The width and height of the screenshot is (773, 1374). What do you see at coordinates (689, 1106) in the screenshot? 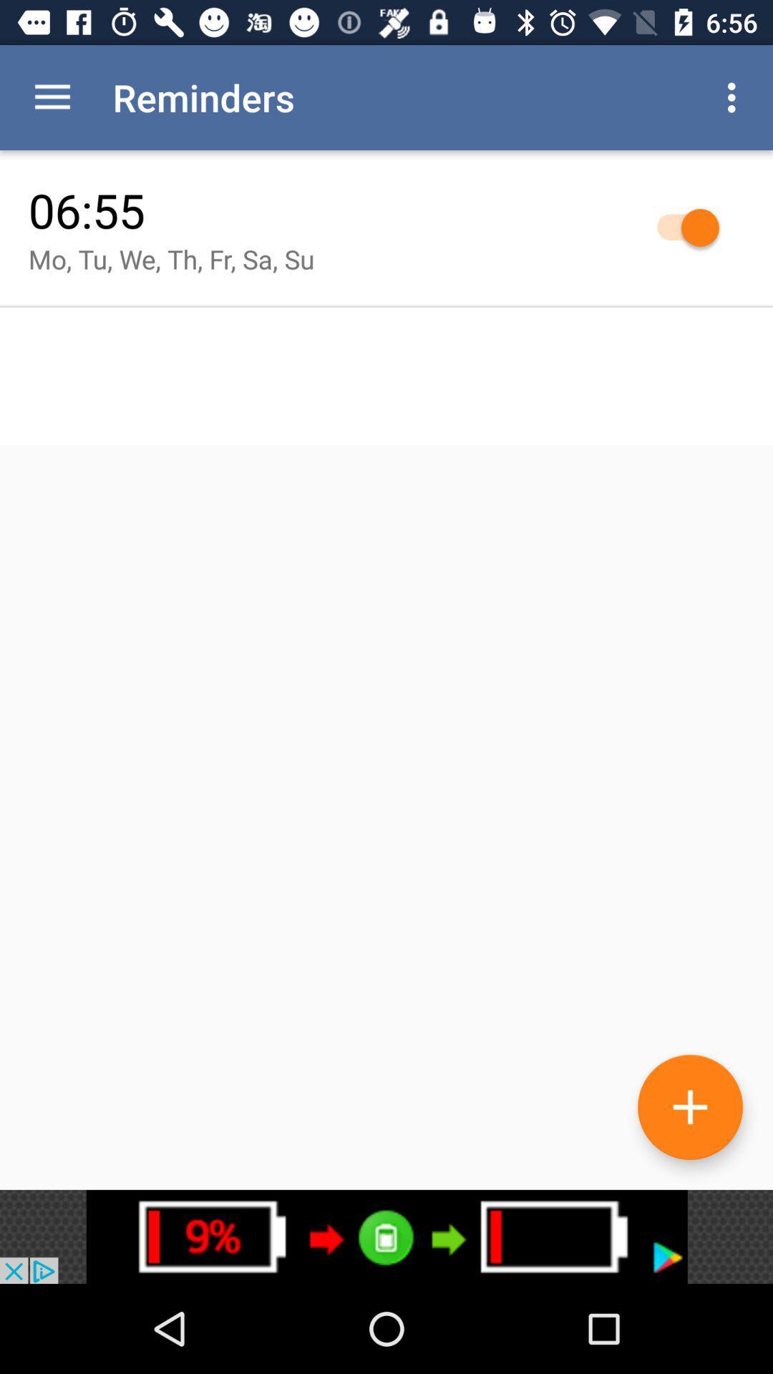
I see `the add icon` at bounding box center [689, 1106].